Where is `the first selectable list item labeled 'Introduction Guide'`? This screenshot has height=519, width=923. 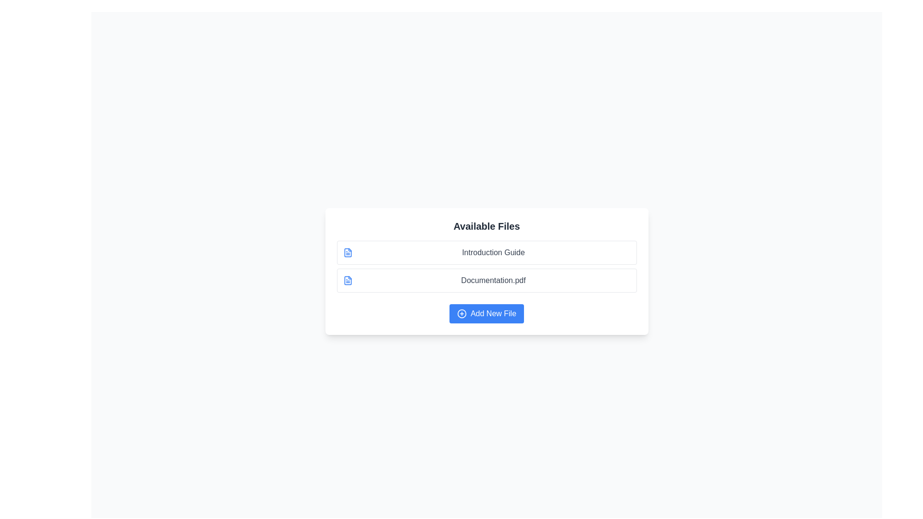
the first selectable list item labeled 'Introduction Guide' is located at coordinates (486, 252).